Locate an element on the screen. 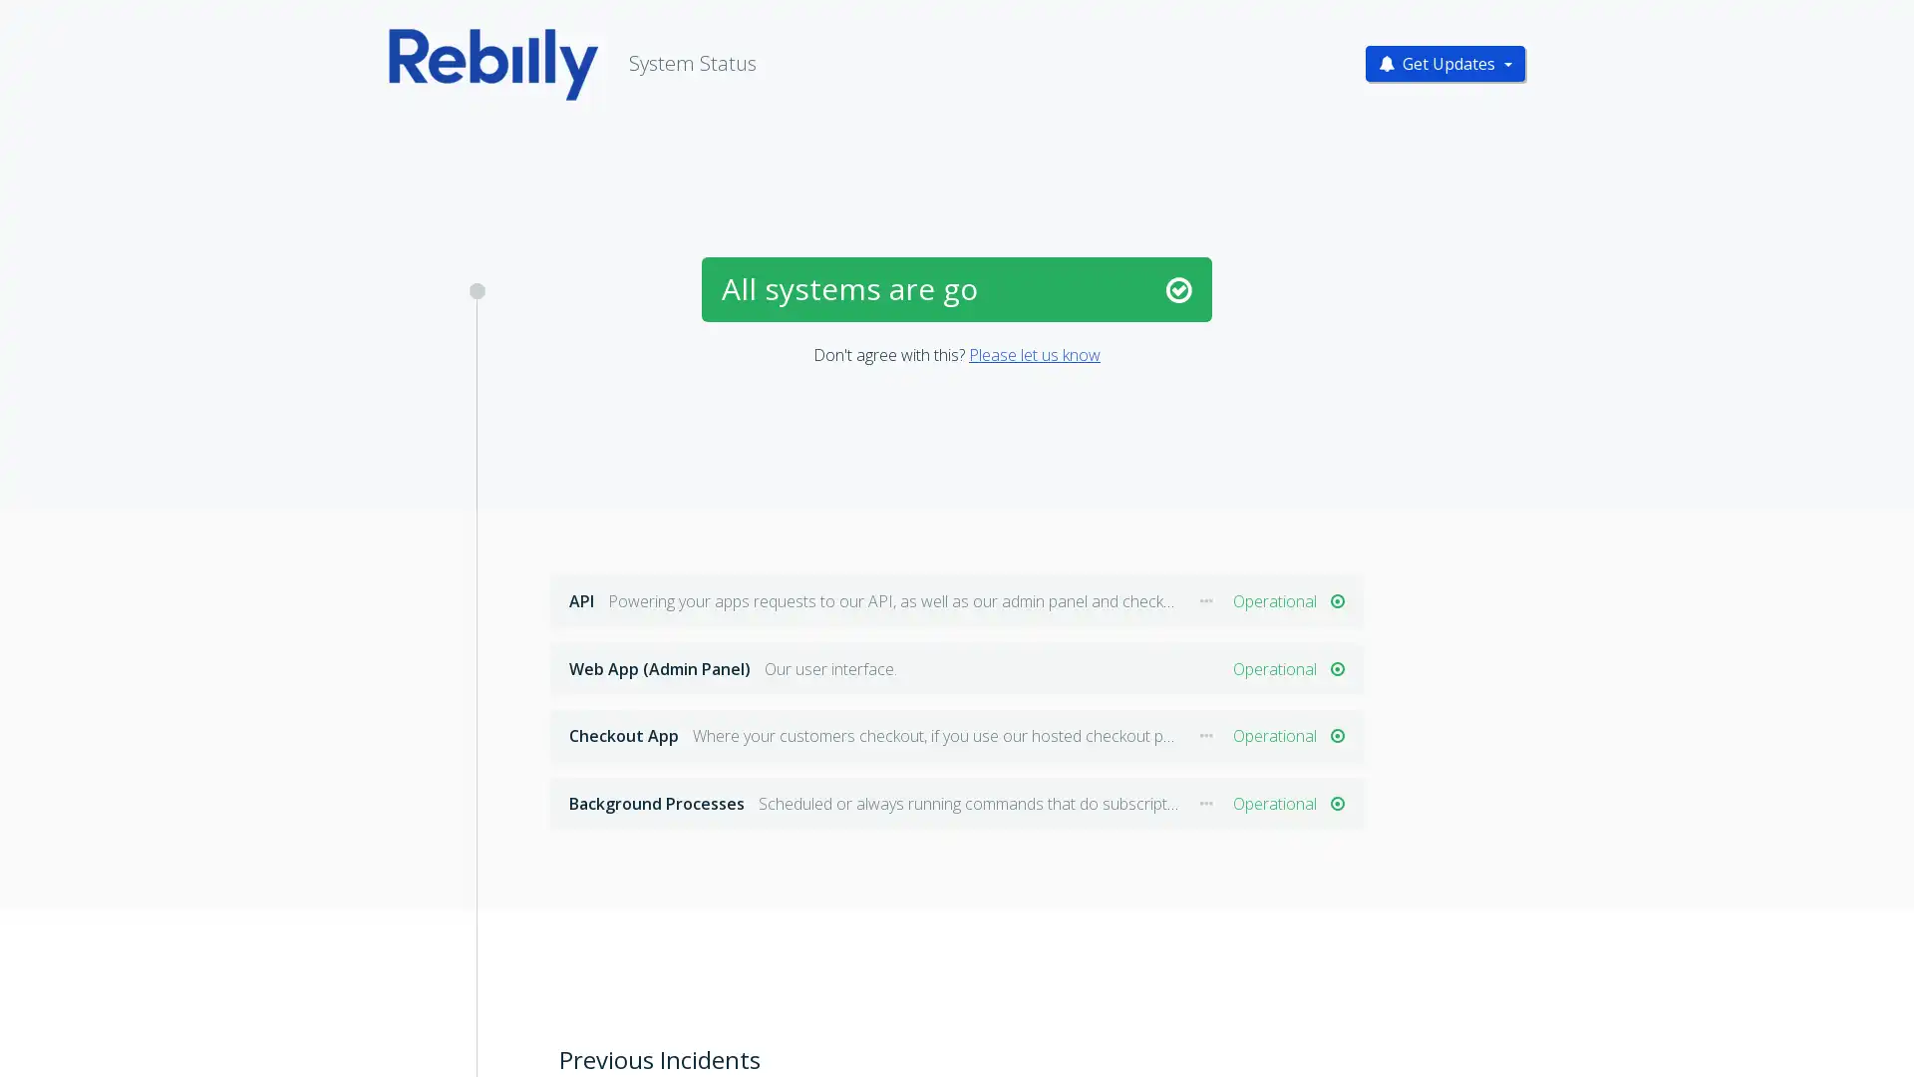 The width and height of the screenshot is (1914, 1077). Click here to view the full description for this component is located at coordinates (1205, 599).